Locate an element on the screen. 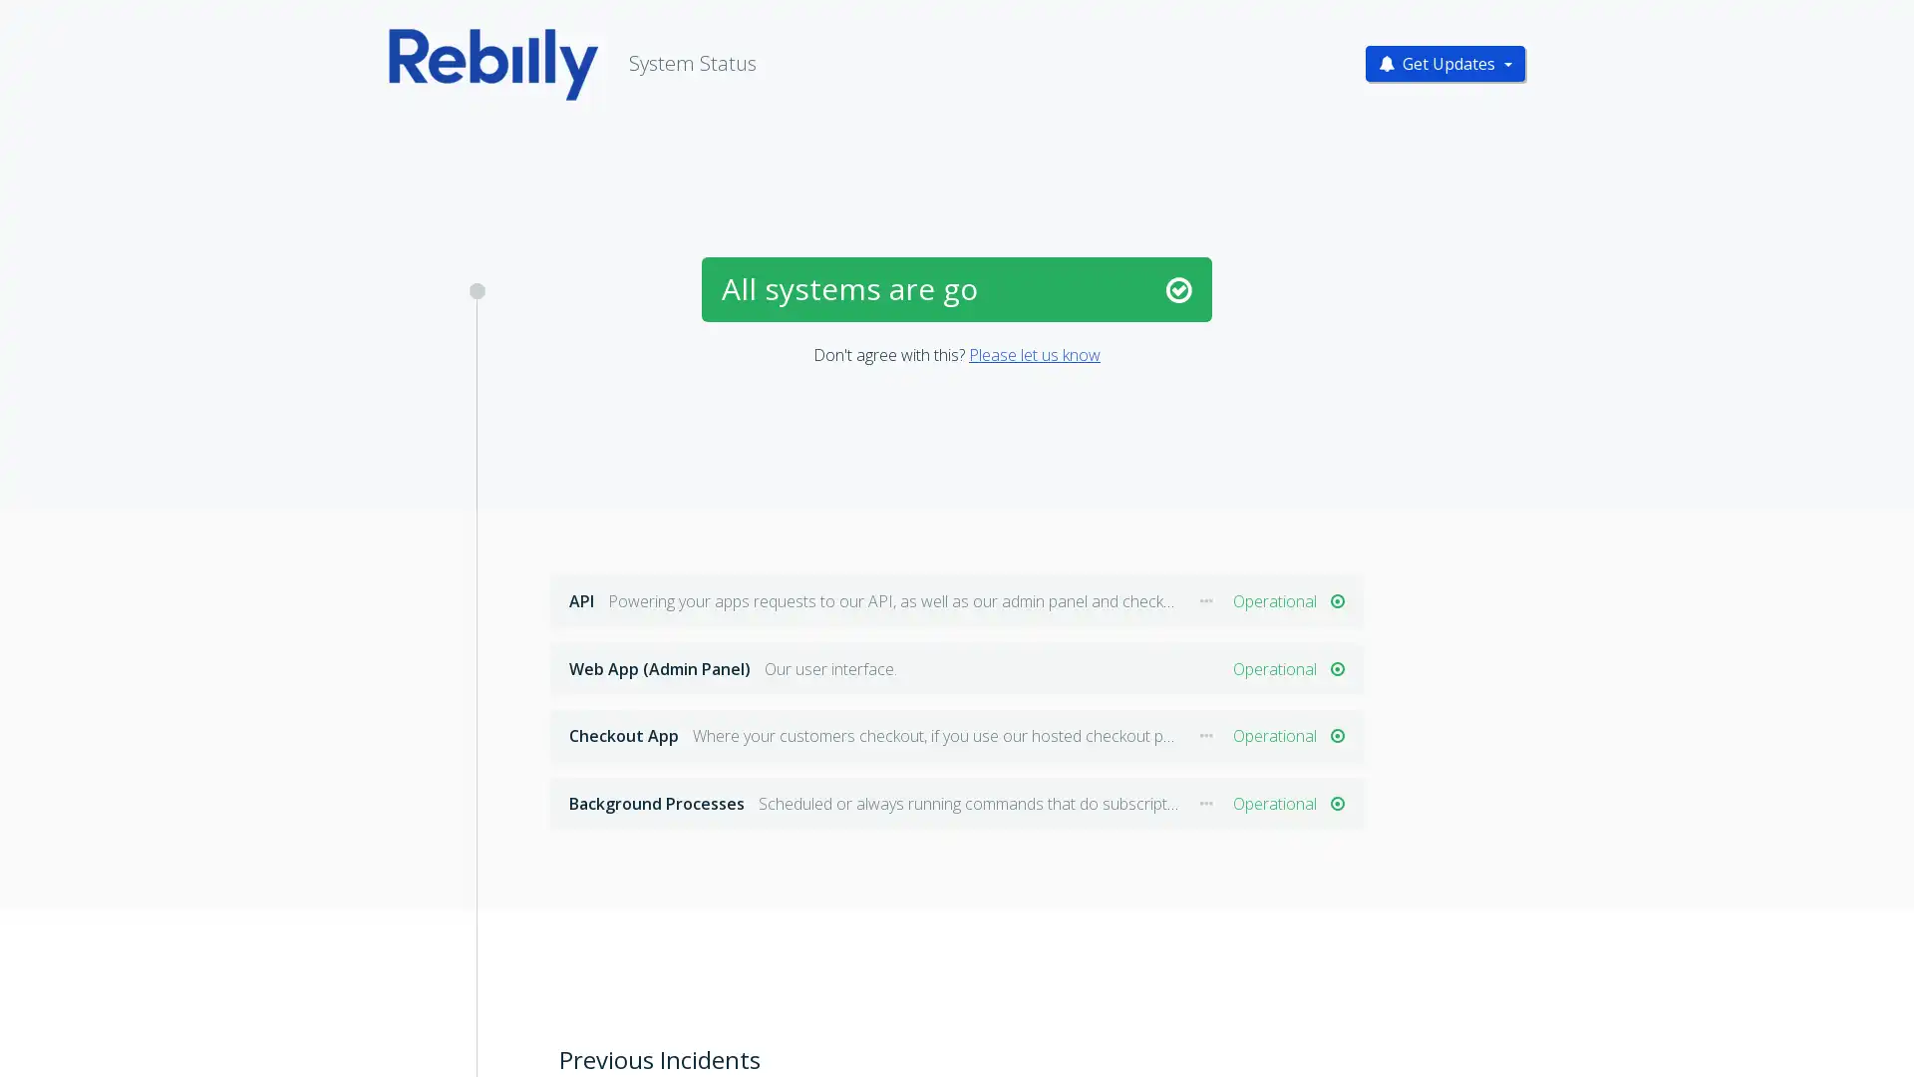 The width and height of the screenshot is (1914, 1077). Click here to view the full description for this component is located at coordinates (1205, 599).